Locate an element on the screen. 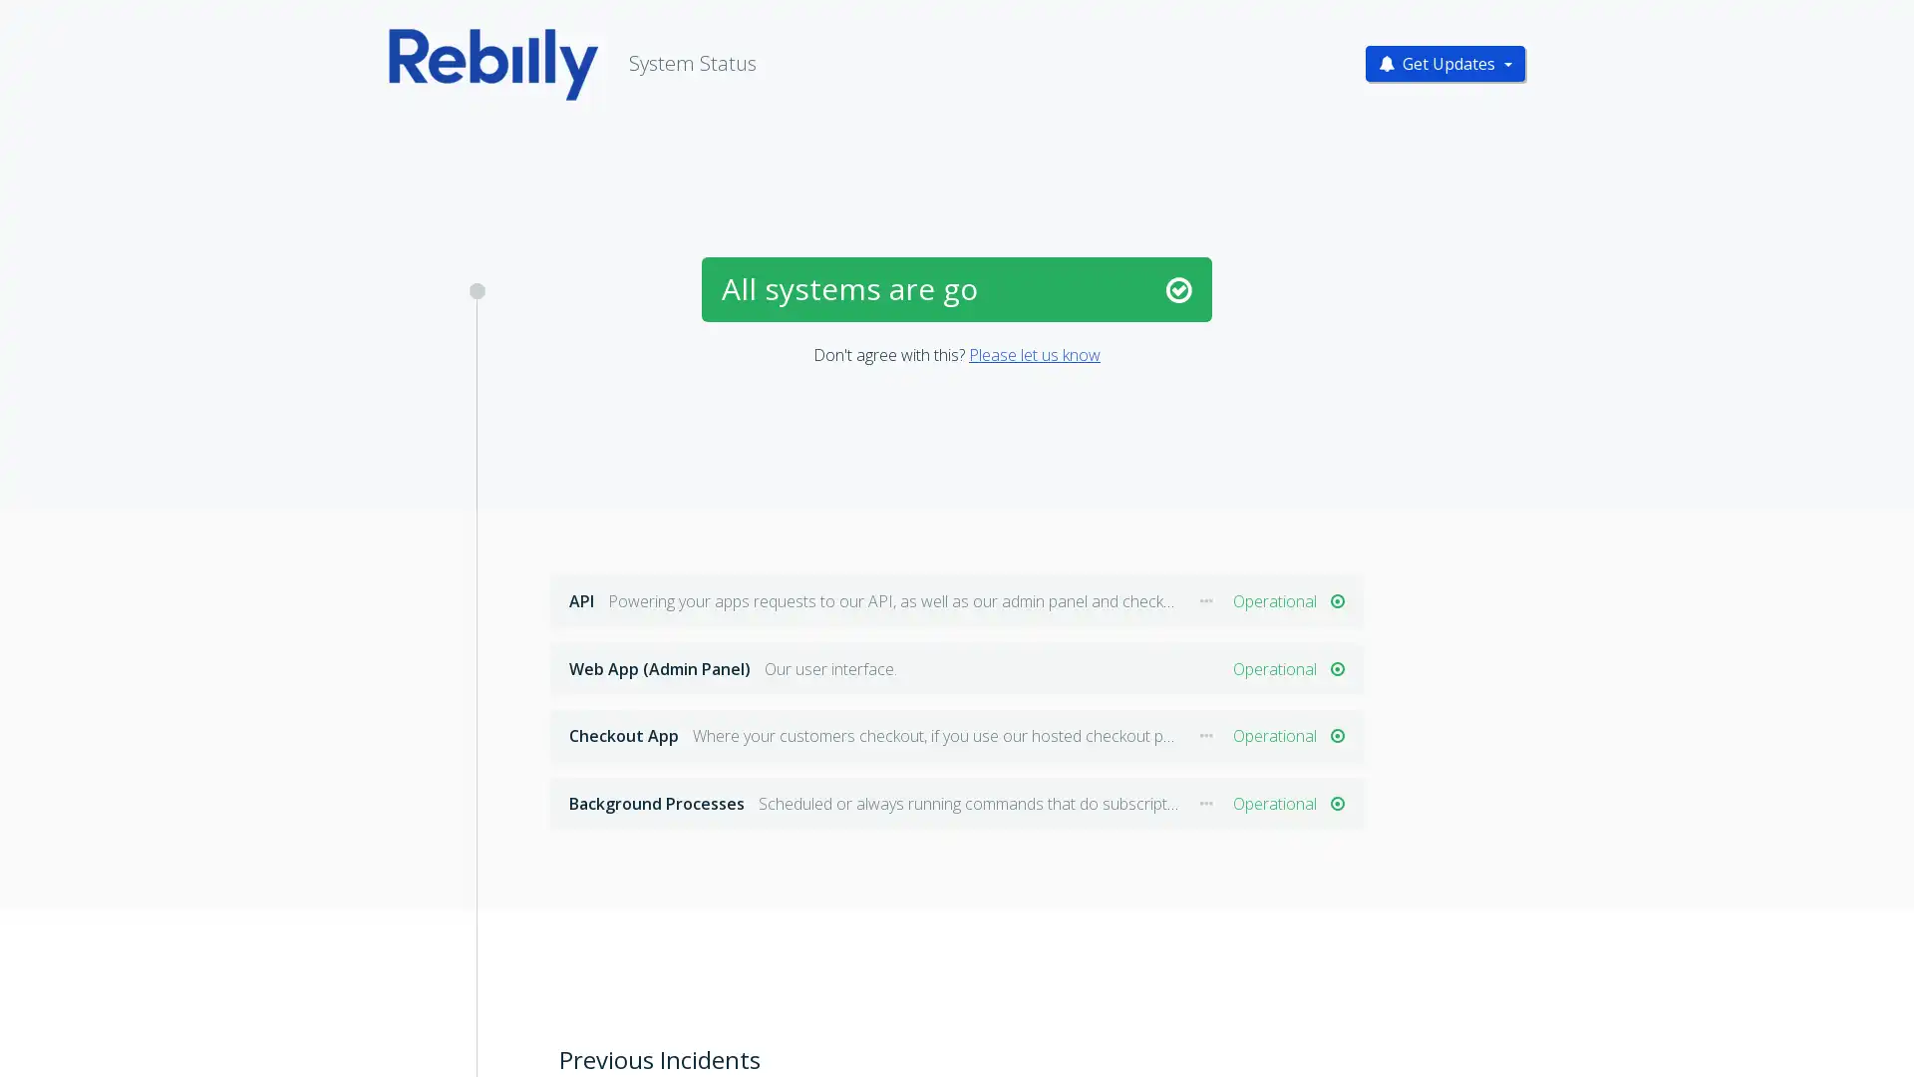 The width and height of the screenshot is (1914, 1077). Click here to view the full description for this component is located at coordinates (1205, 599).